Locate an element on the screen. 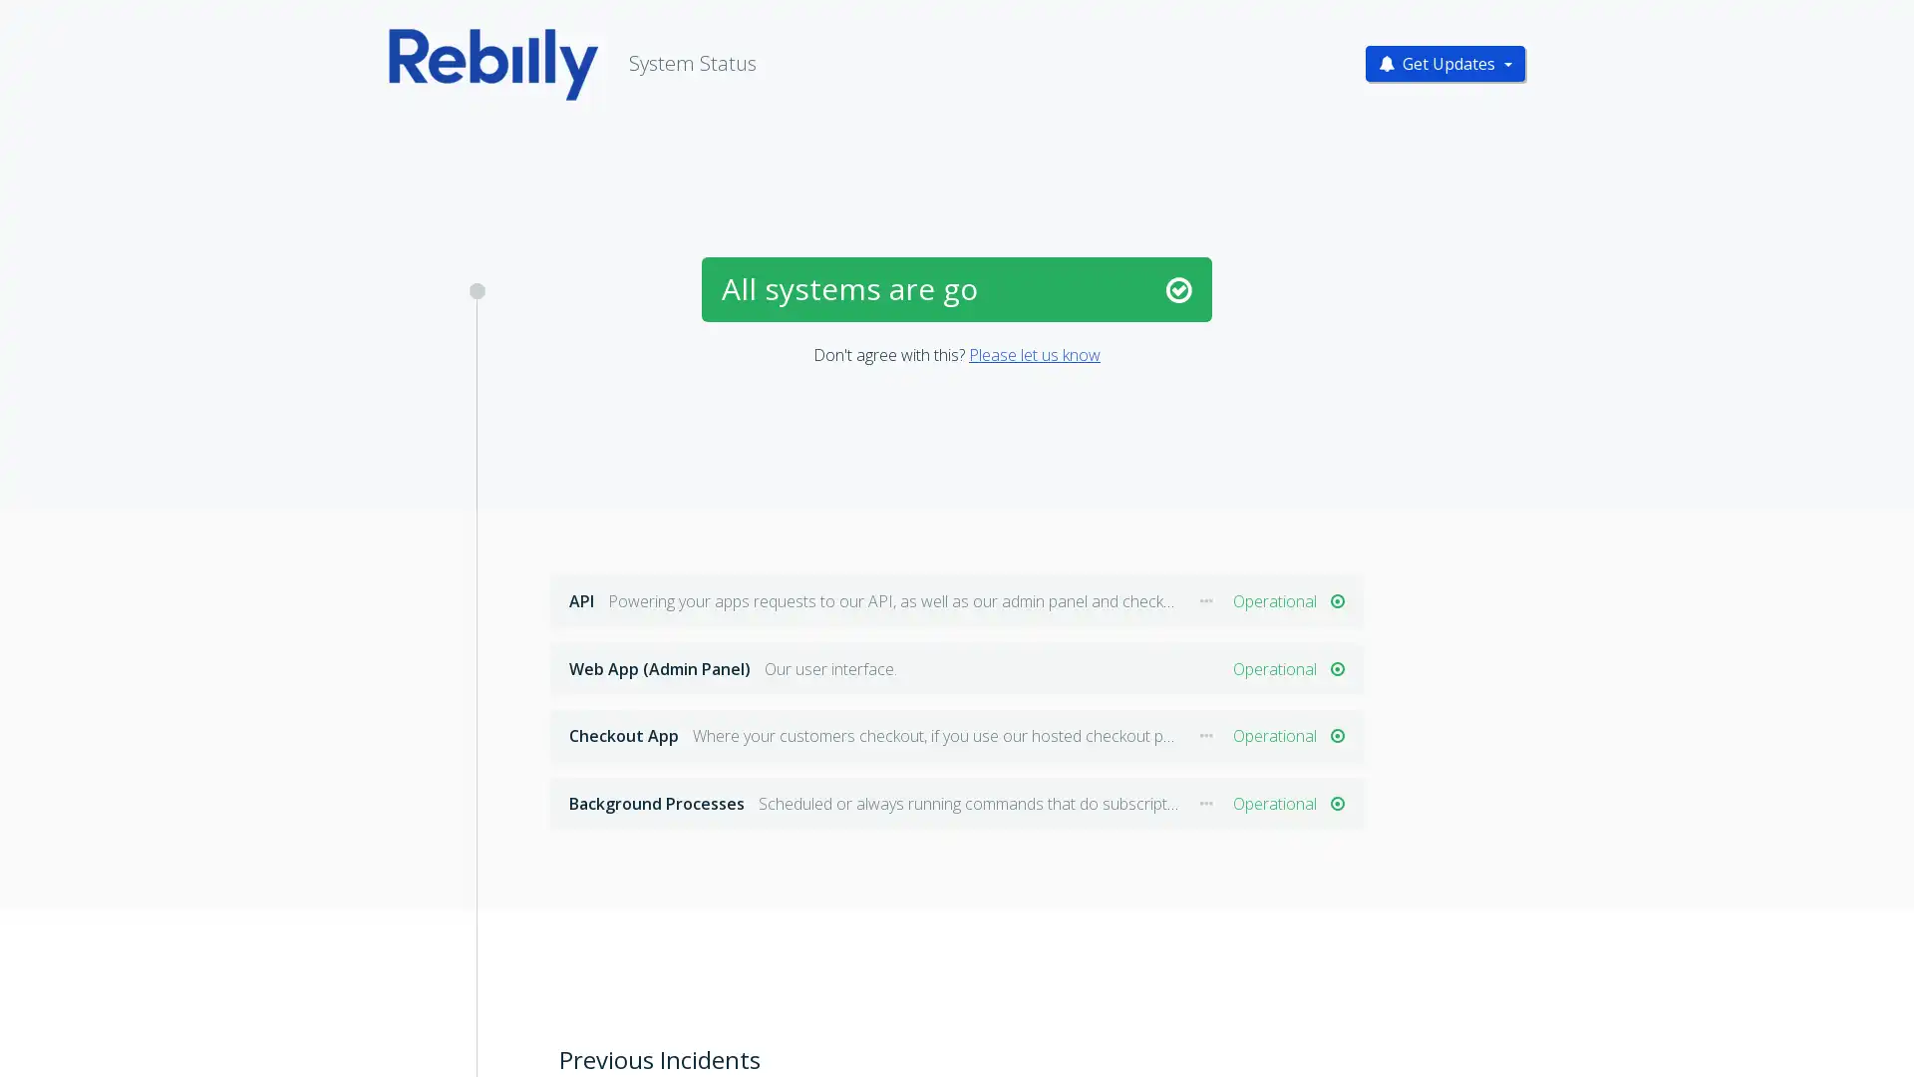 The width and height of the screenshot is (1914, 1077). Click here to view the full description for this component is located at coordinates (1205, 599).